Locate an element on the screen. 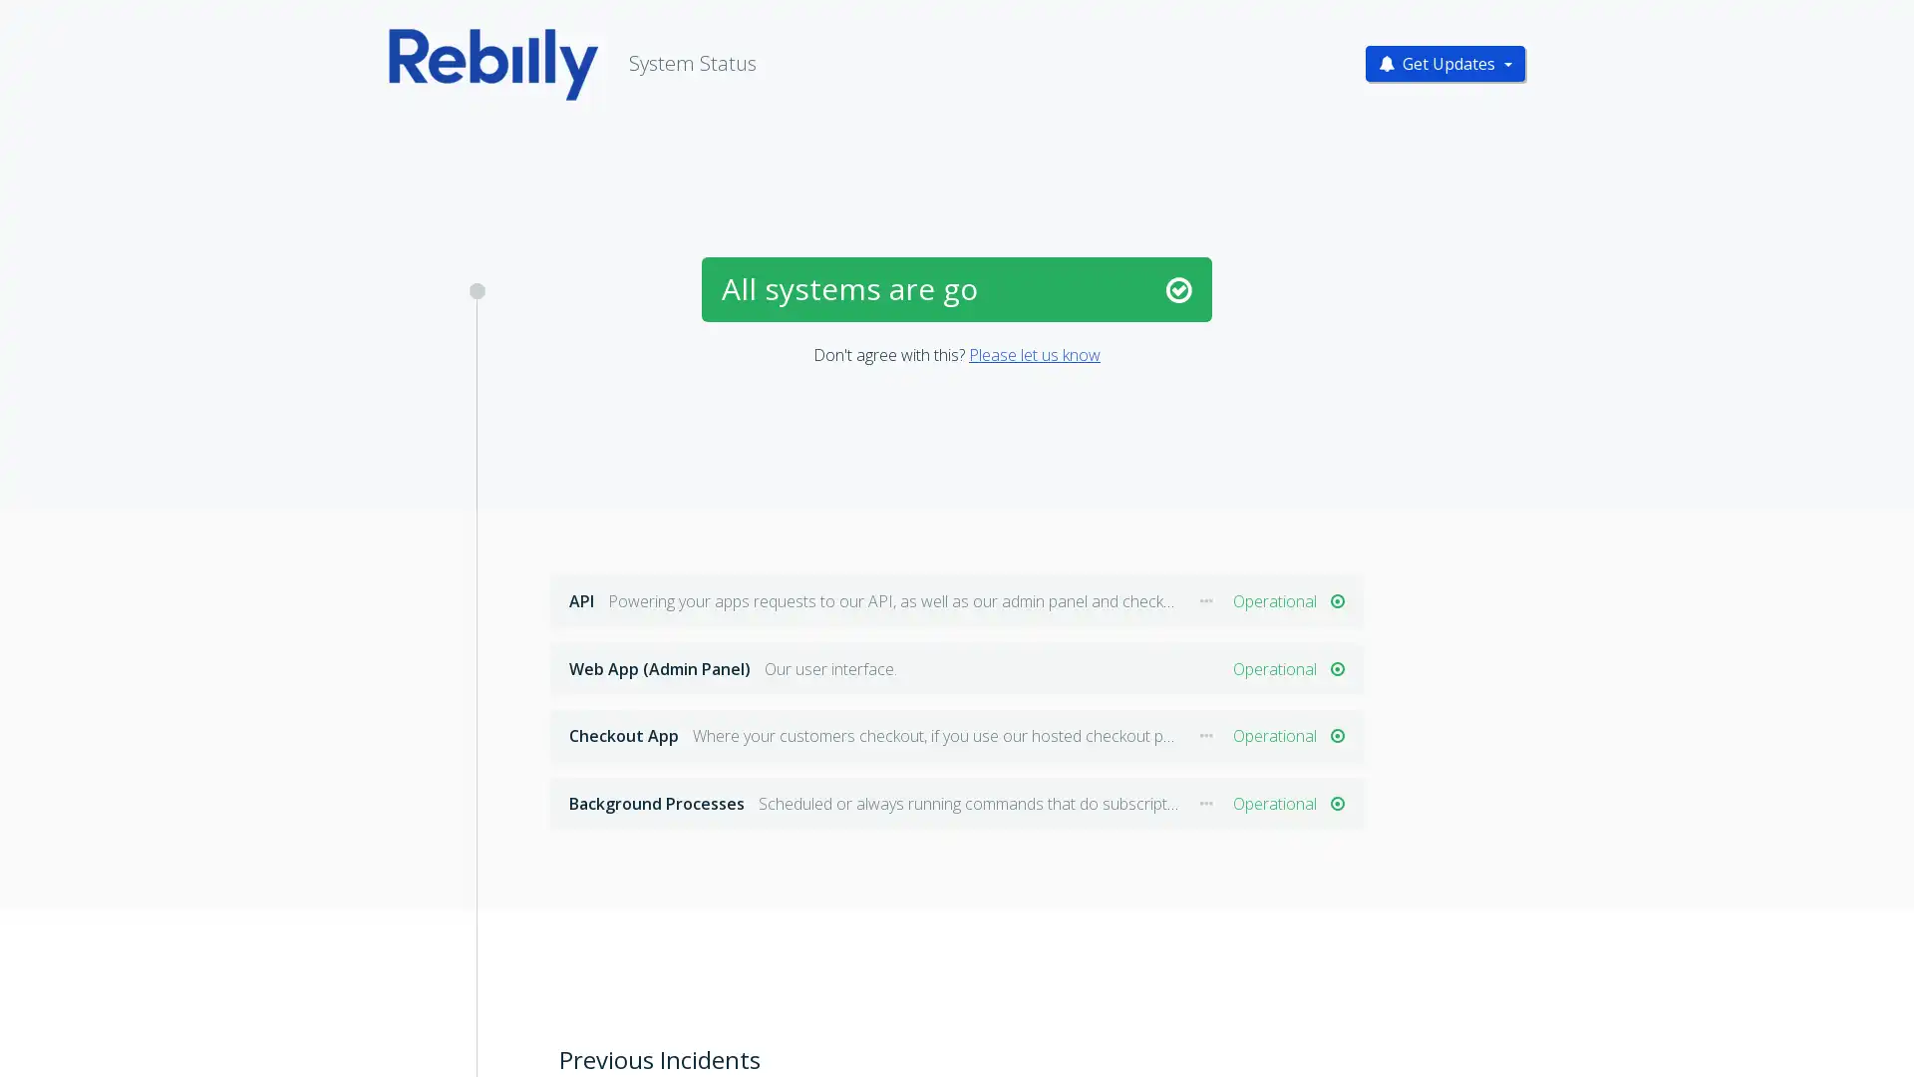 The width and height of the screenshot is (1914, 1077). Click here to view the full description for this component is located at coordinates (1205, 599).